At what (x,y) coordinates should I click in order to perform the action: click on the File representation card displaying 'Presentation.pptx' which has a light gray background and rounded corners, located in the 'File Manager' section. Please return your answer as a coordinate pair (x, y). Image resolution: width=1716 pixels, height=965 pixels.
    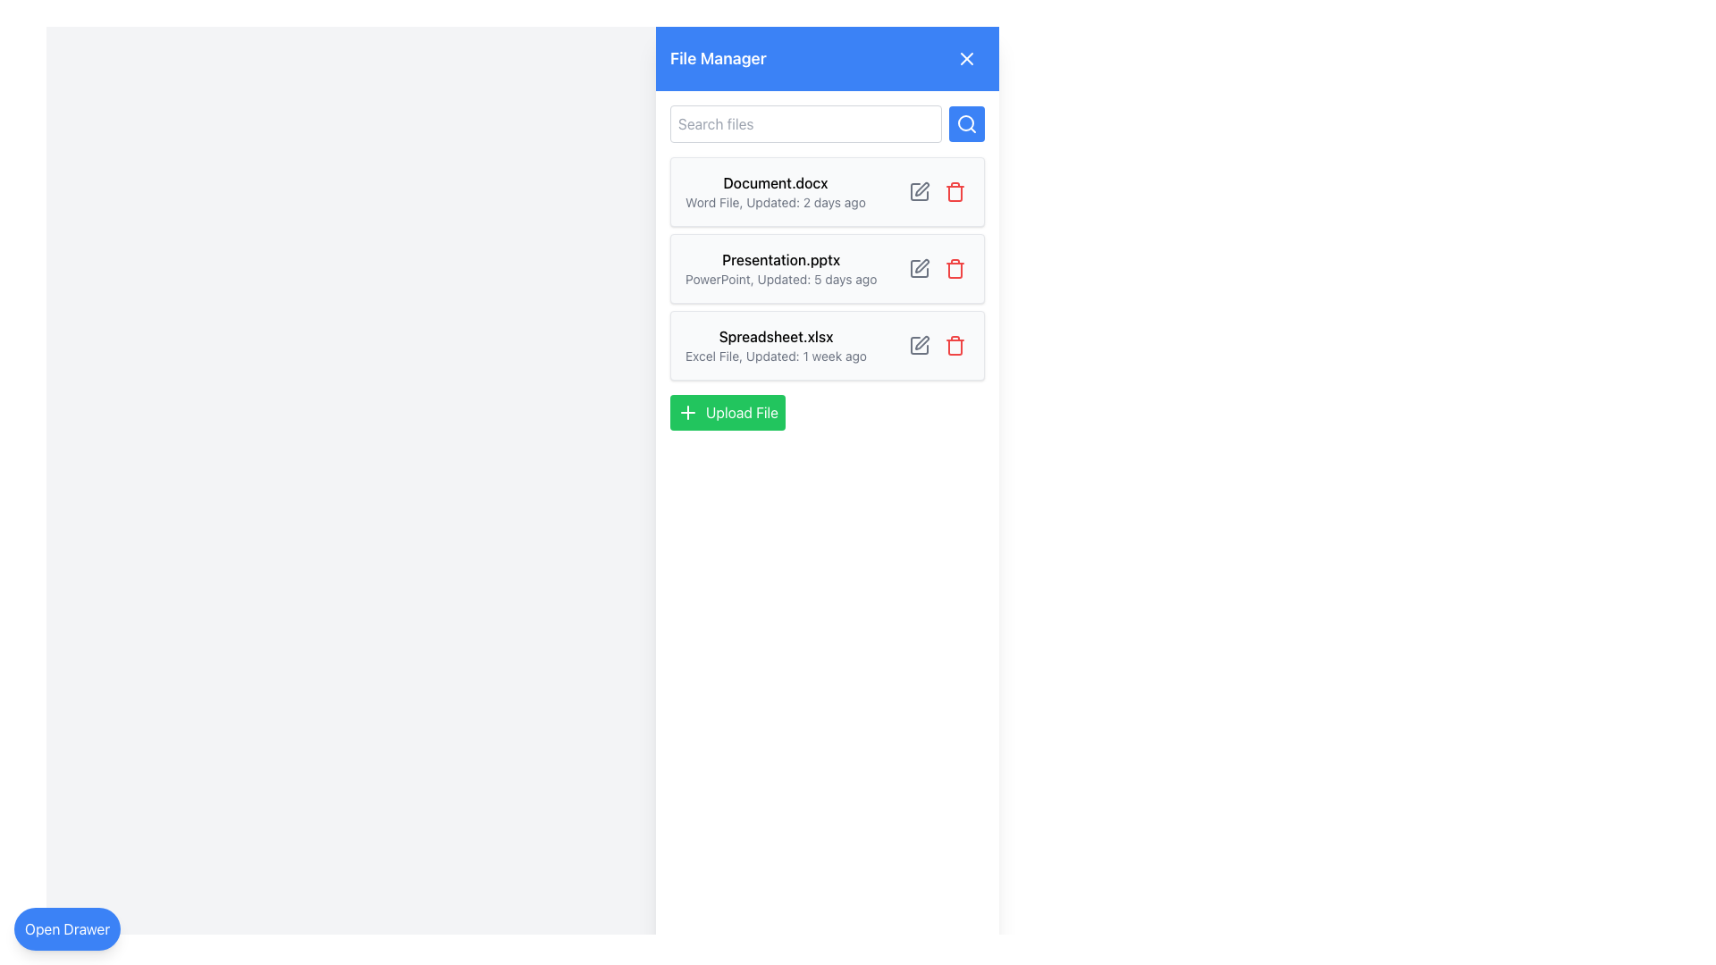
    Looking at the image, I should click on (827, 268).